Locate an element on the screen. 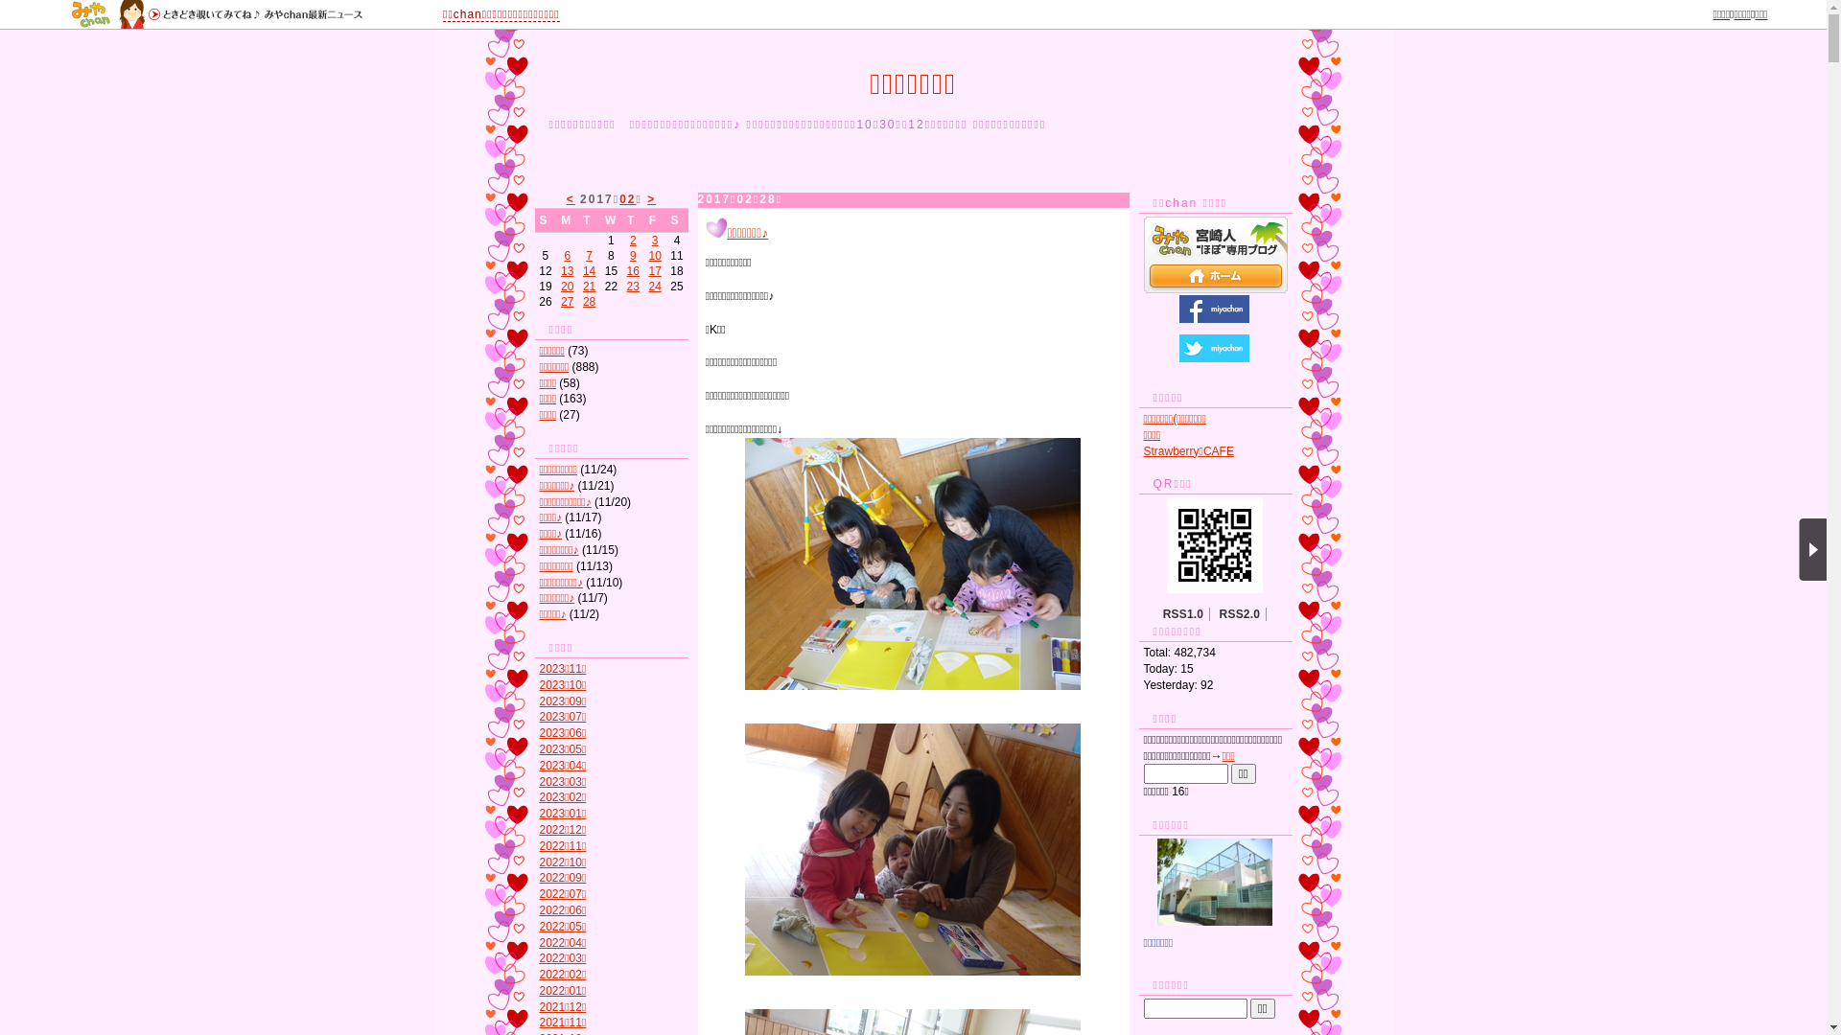 The height and width of the screenshot is (1035, 1841). '02' is located at coordinates (627, 199).